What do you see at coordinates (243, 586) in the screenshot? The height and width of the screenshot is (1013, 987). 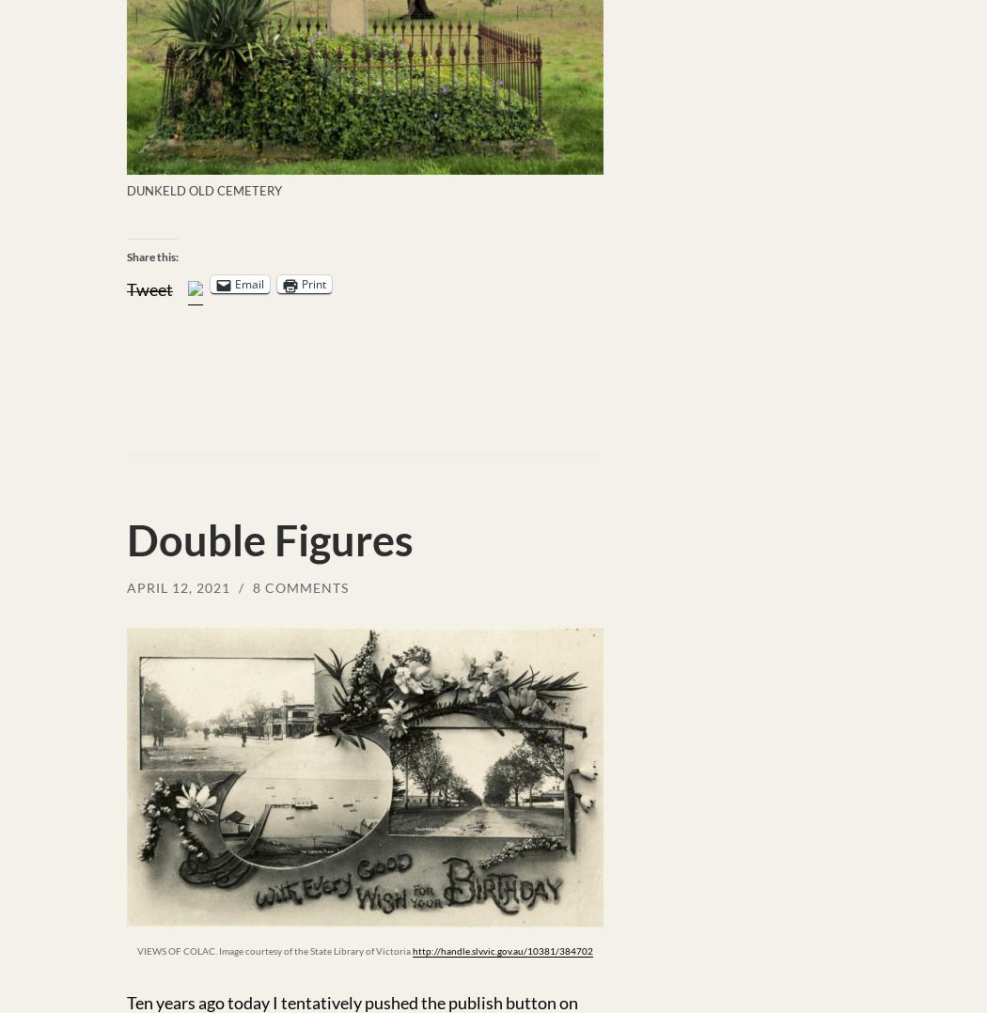 I see `'/'` at bounding box center [243, 586].